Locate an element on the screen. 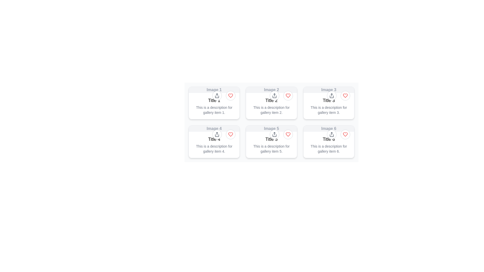 The image size is (484, 272). the Text Content Block element containing the title 'Title 4' and the description 'This is a description for gallery item 4.' positioned below 'Image 4' is located at coordinates (214, 145).